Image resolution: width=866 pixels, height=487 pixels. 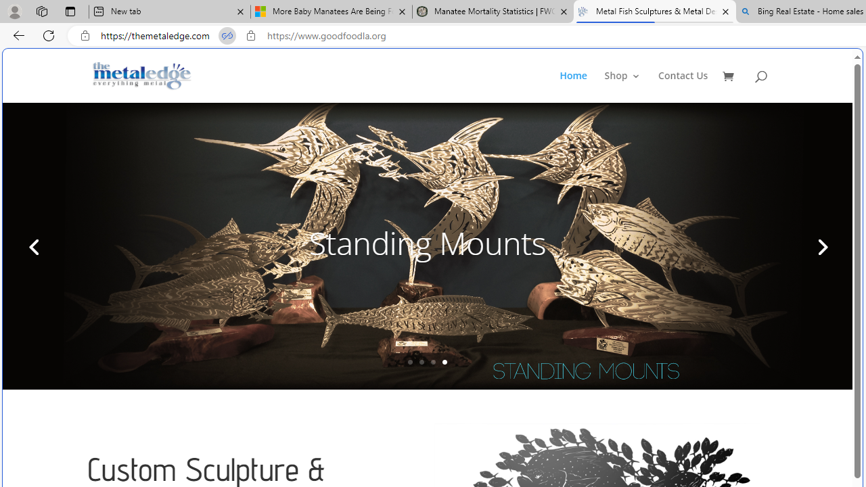 I want to click on 'Tabs in split screen', so click(x=227, y=35).